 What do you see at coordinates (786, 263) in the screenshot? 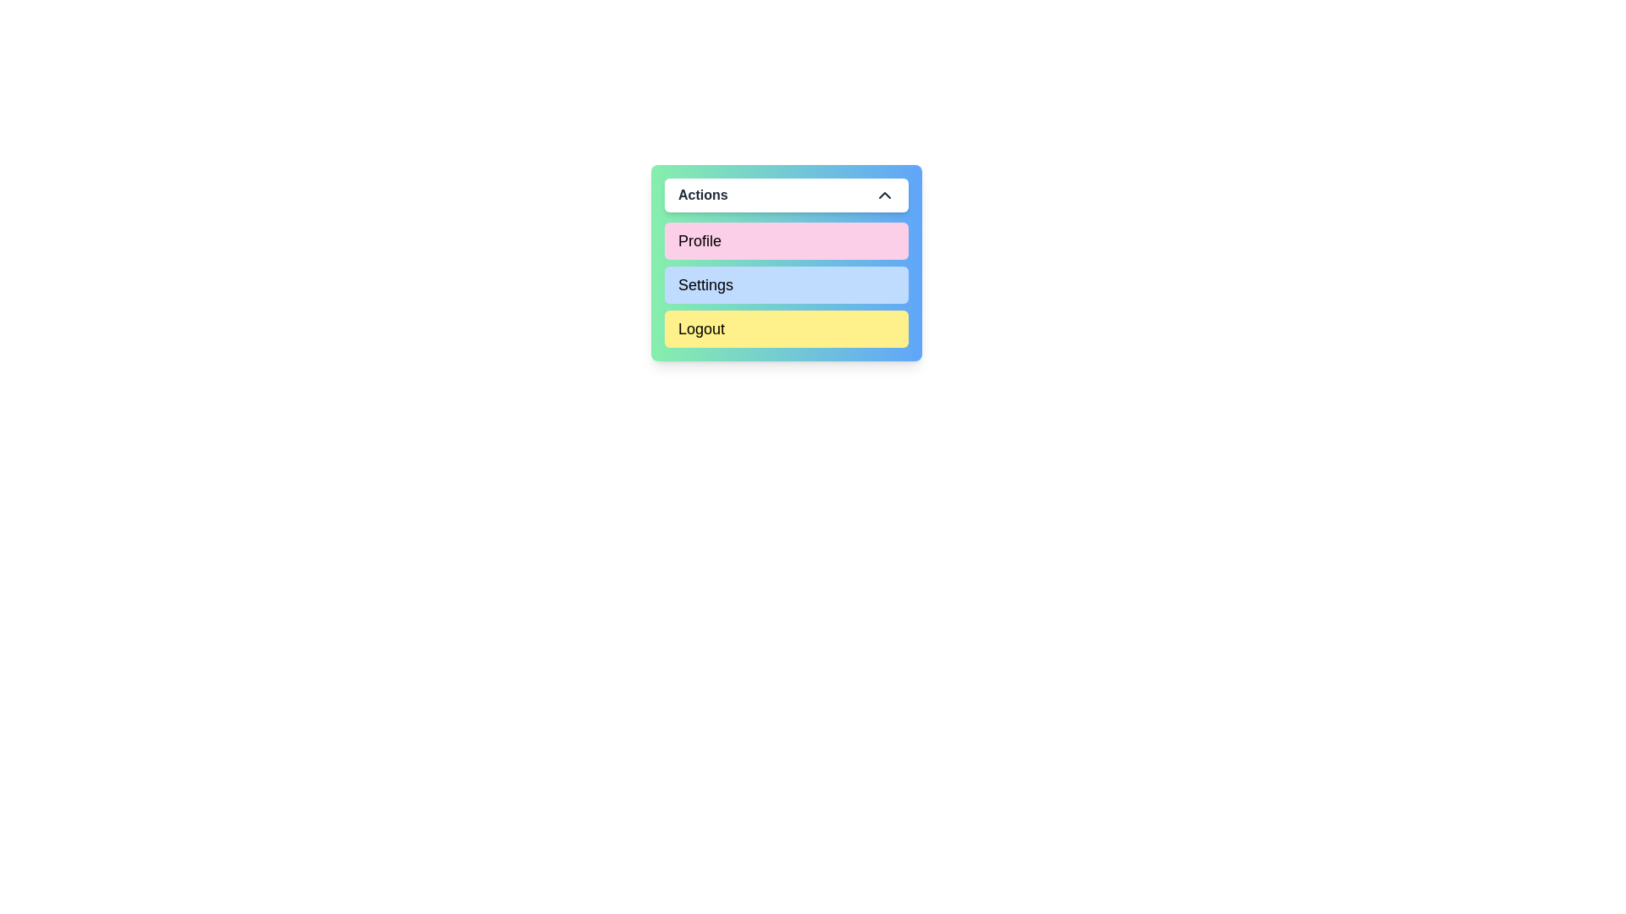
I see `the 'Profile' option in the vertical navigation menu` at bounding box center [786, 263].